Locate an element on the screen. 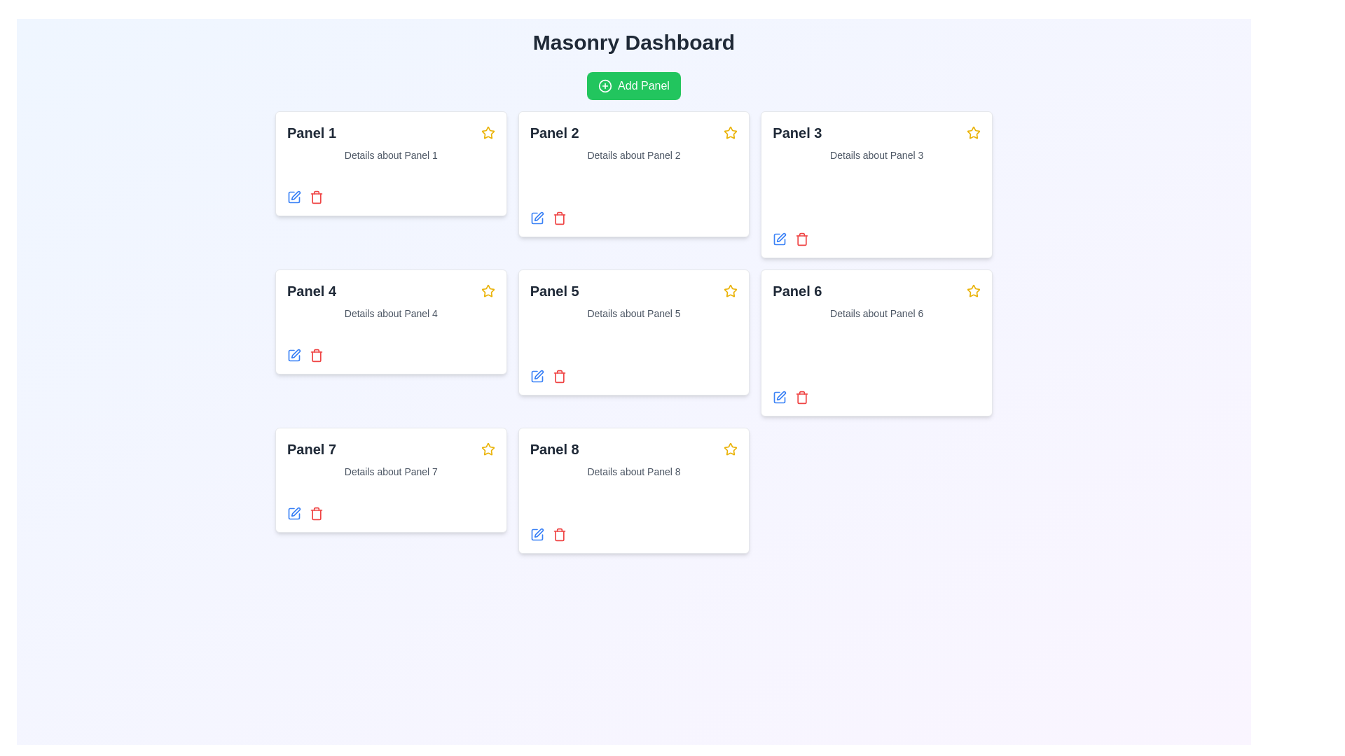  the blue square icon with a pen, which is the leftmost edit button located under 'Panel 1' in the first column of the grid layout is located at coordinates (294, 197).